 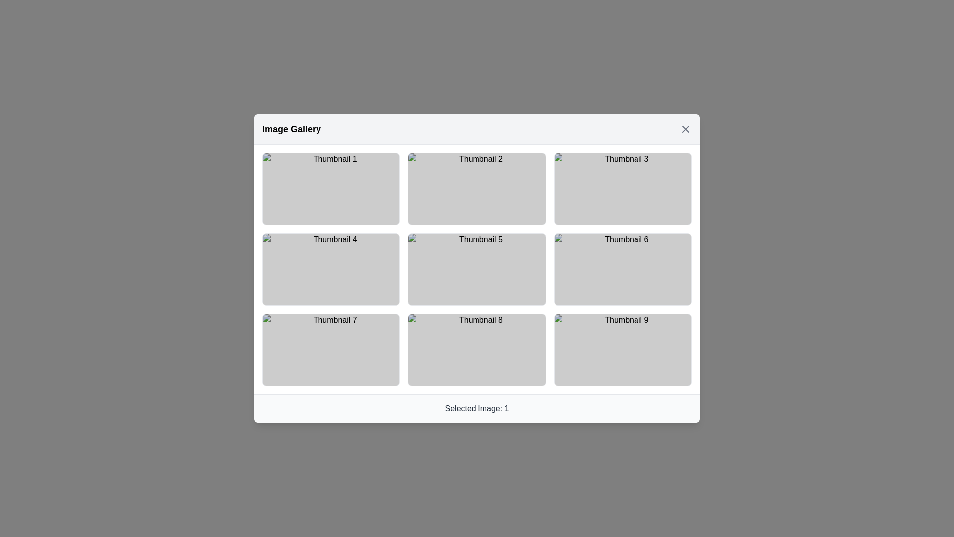 What do you see at coordinates (477, 350) in the screenshot?
I see `the layered overlay that indicates interactivity on the eighth thumbnail in a 3x3 grid layout of the image gallery` at bounding box center [477, 350].